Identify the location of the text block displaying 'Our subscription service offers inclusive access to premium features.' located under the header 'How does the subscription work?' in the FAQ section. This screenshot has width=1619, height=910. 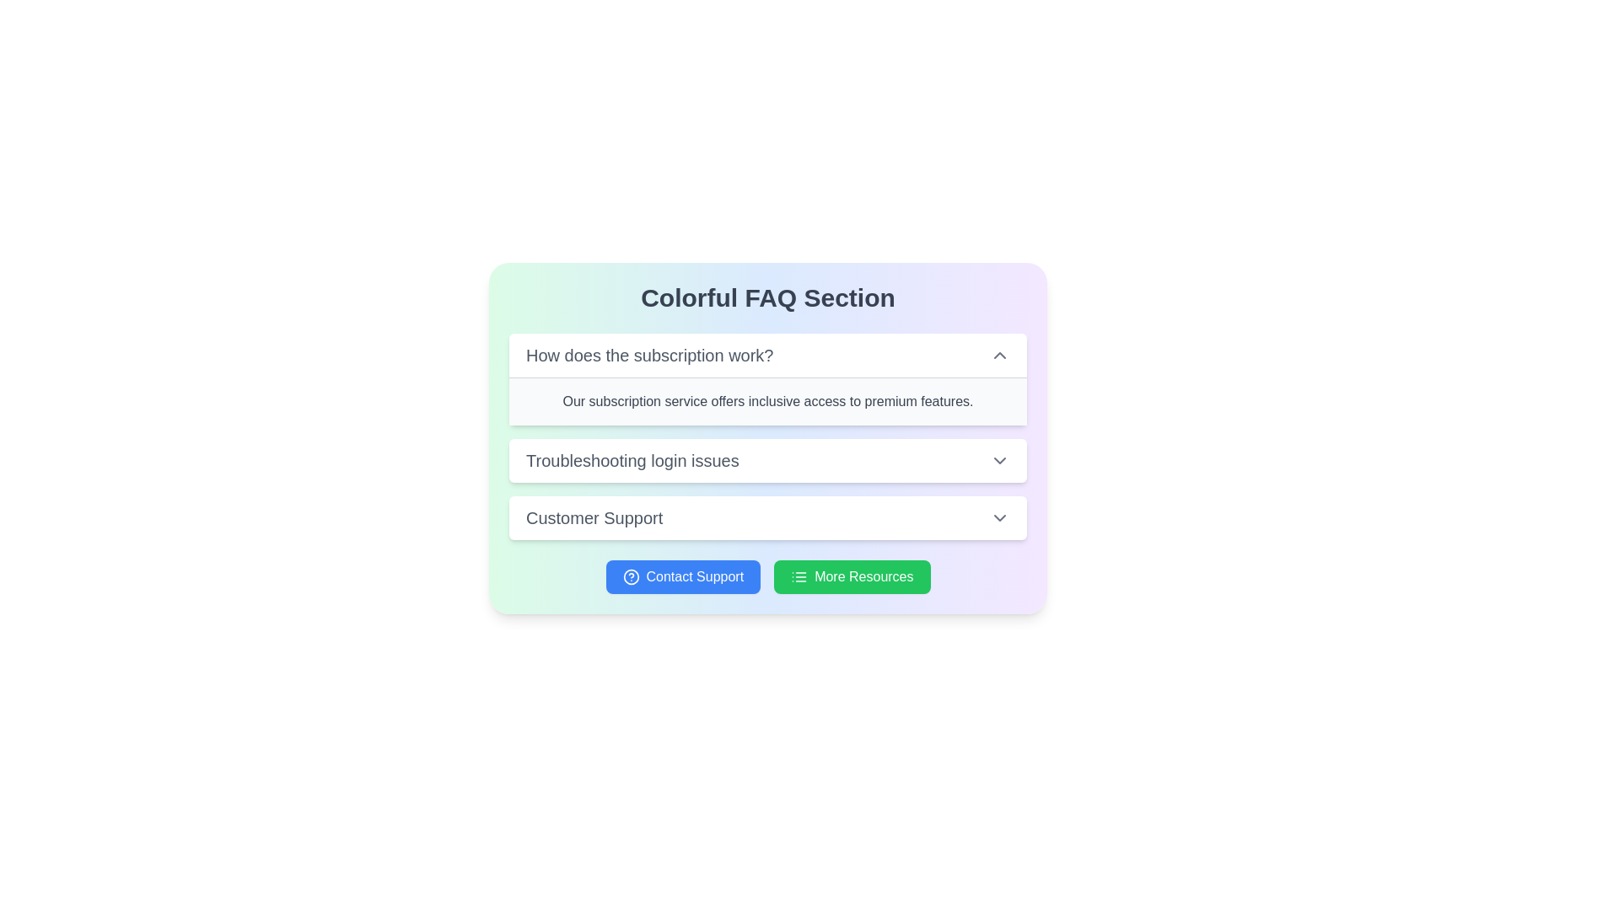
(767, 401).